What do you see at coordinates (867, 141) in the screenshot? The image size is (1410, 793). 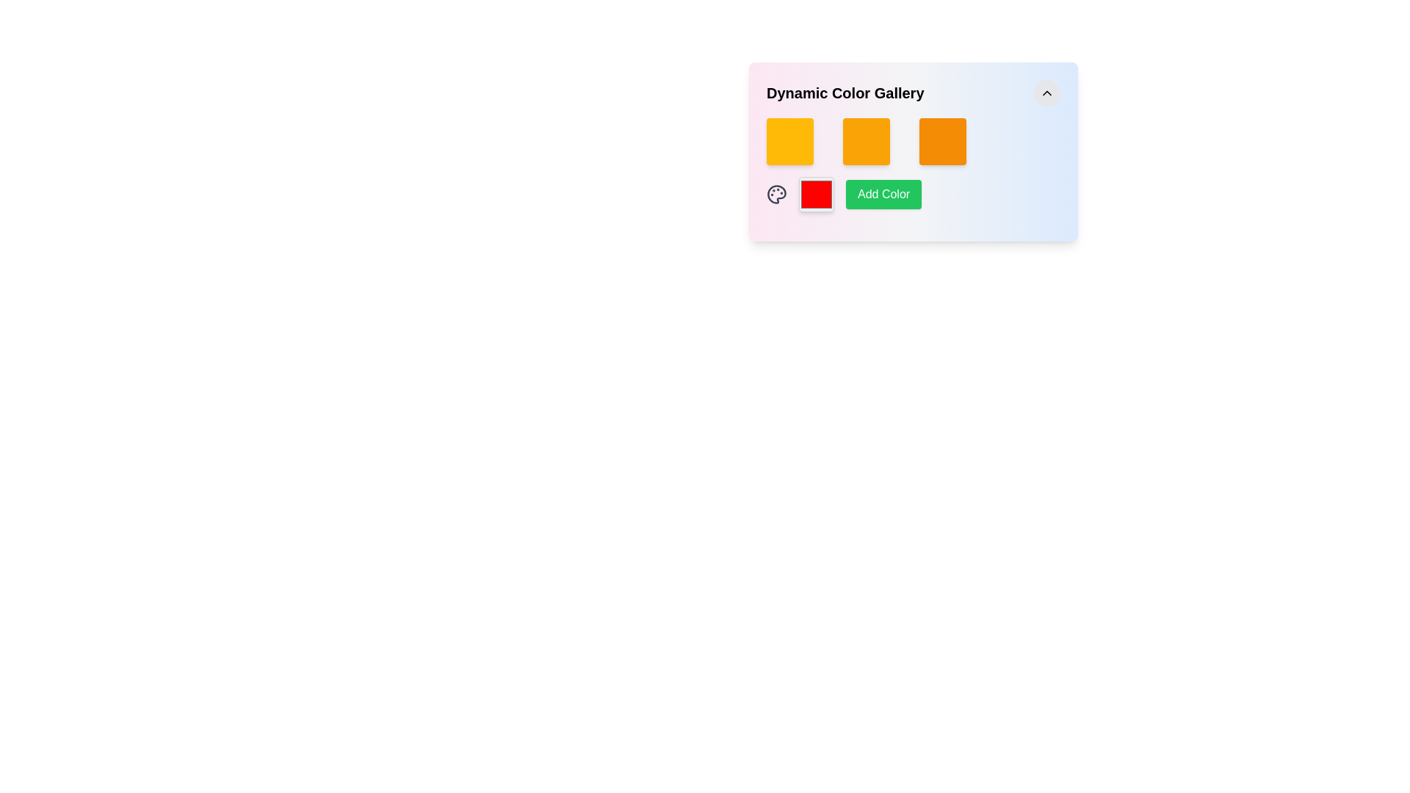 I see `the colored box, which is the second element in a grid layout, positioned centrally between two other similar elements` at bounding box center [867, 141].